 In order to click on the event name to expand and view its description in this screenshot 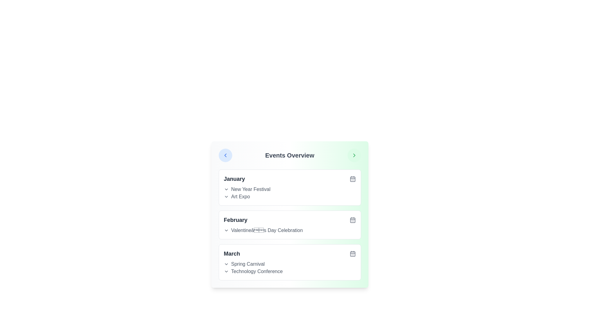, I will do `click(289, 187)`.